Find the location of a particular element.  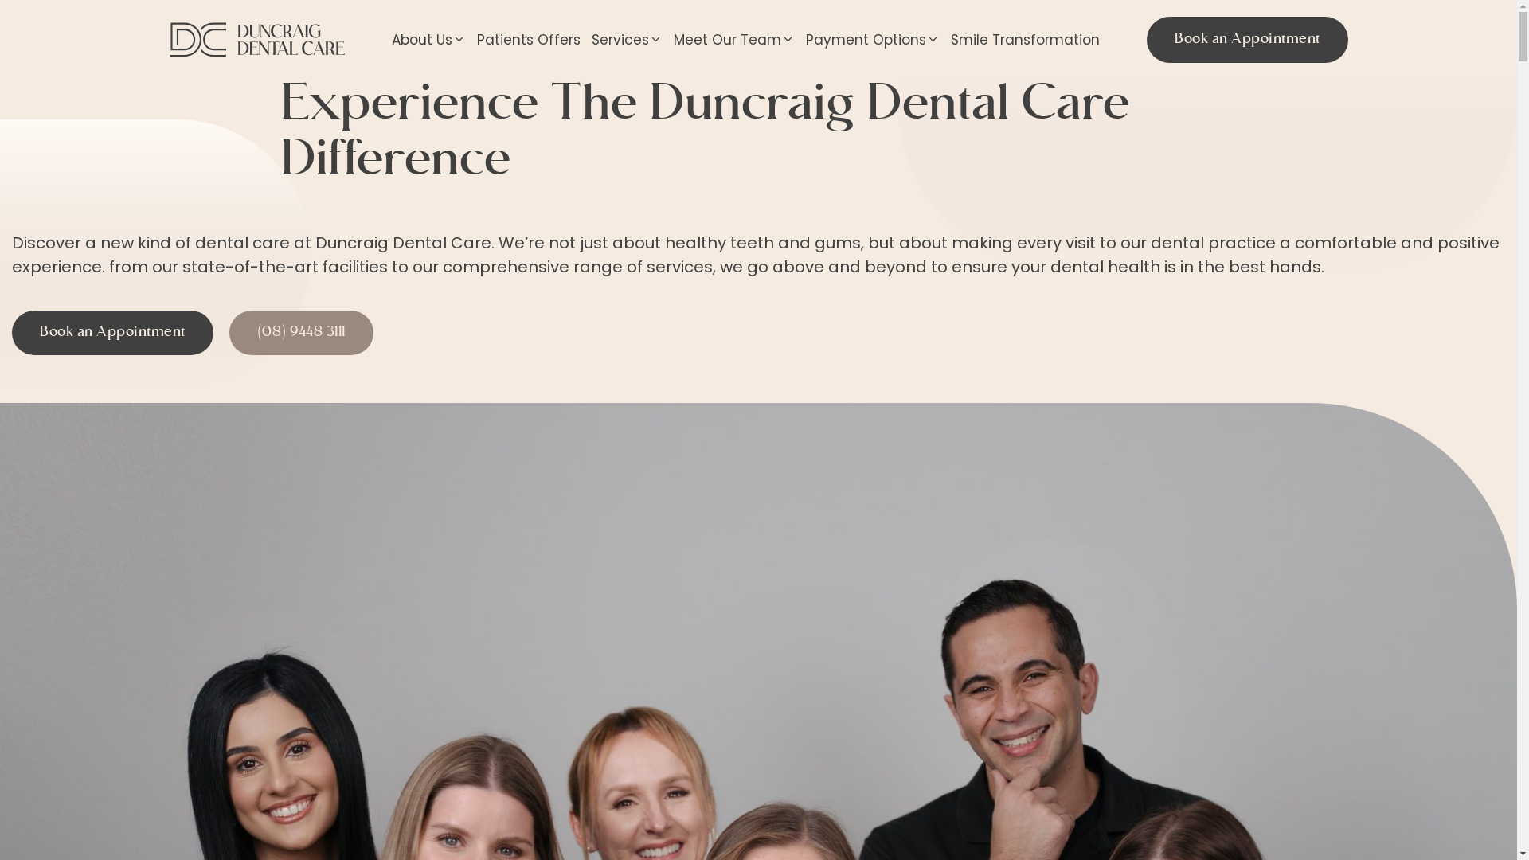

'Meet Our Team' is located at coordinates (733, 39).